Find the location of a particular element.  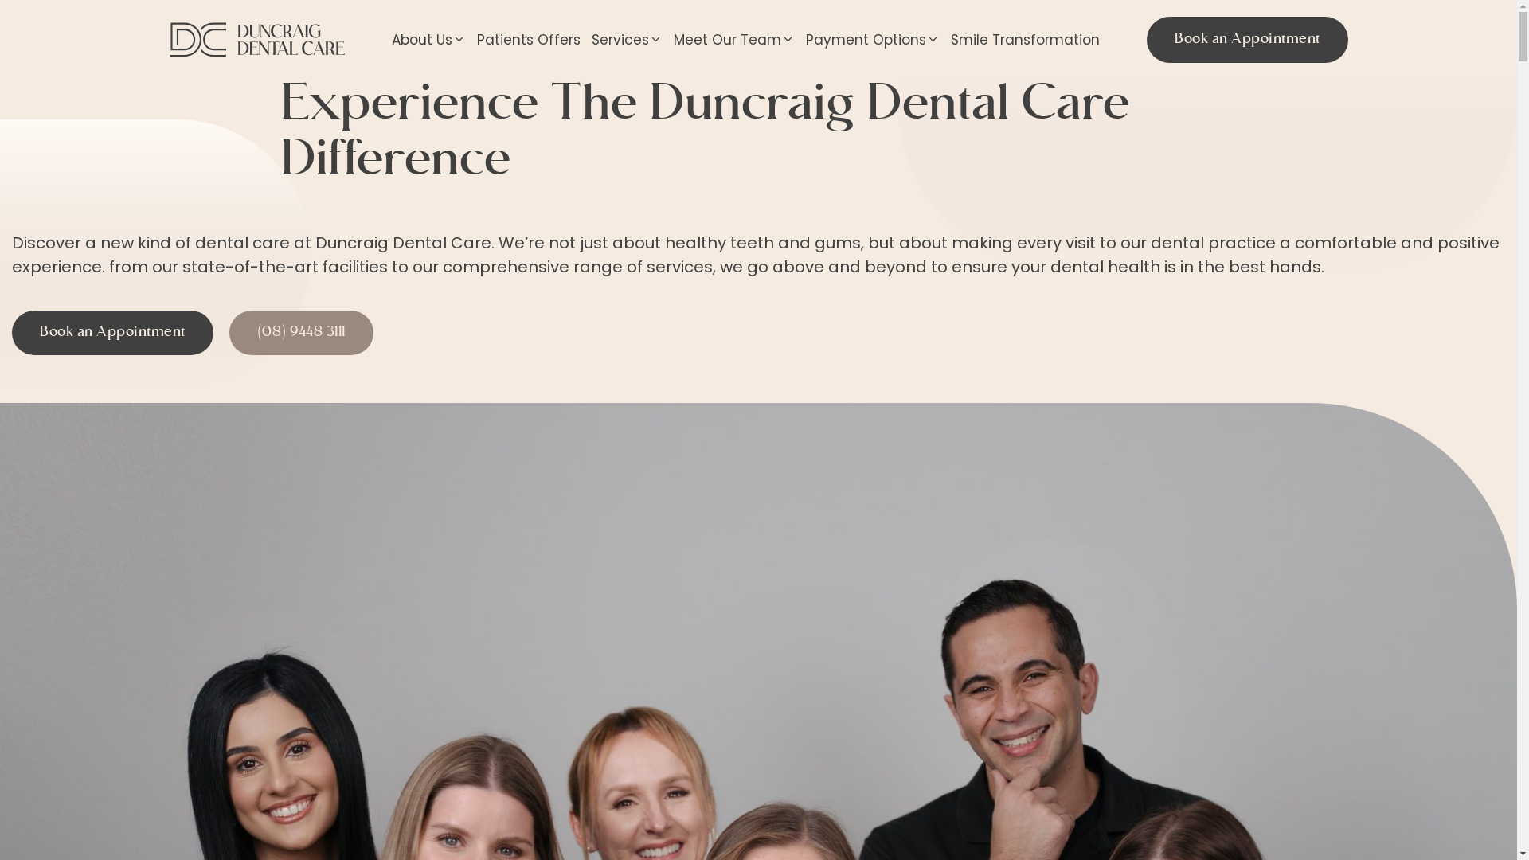

'Meet Our Team' is located at coordinates (733, 39).